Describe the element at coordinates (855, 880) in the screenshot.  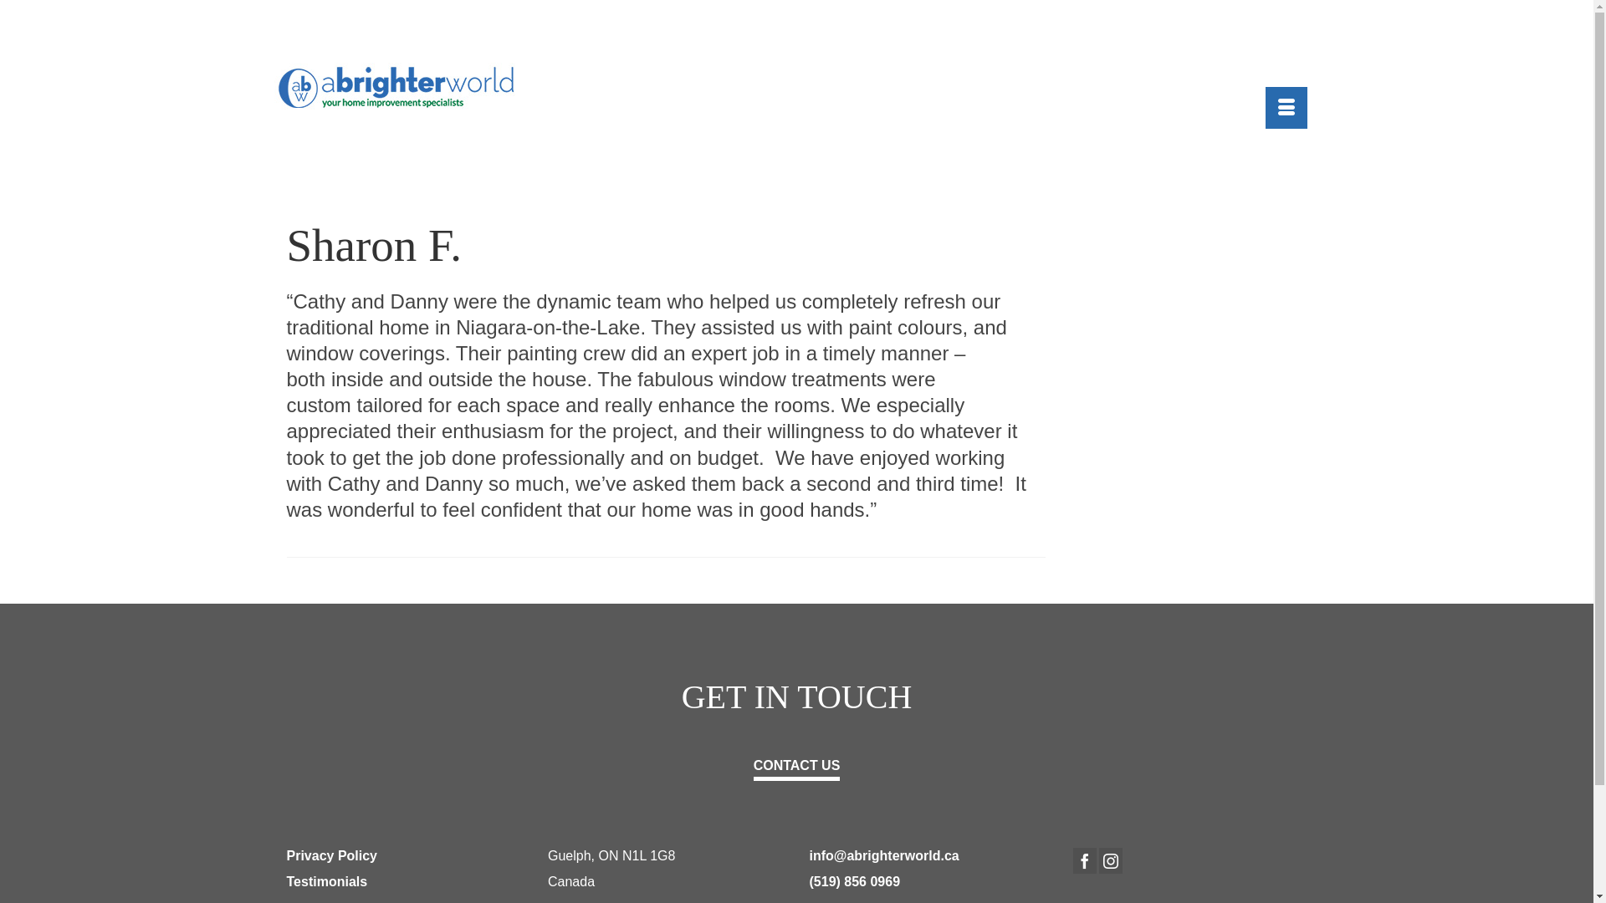
I see `'(519) 856 0969'` at that location.